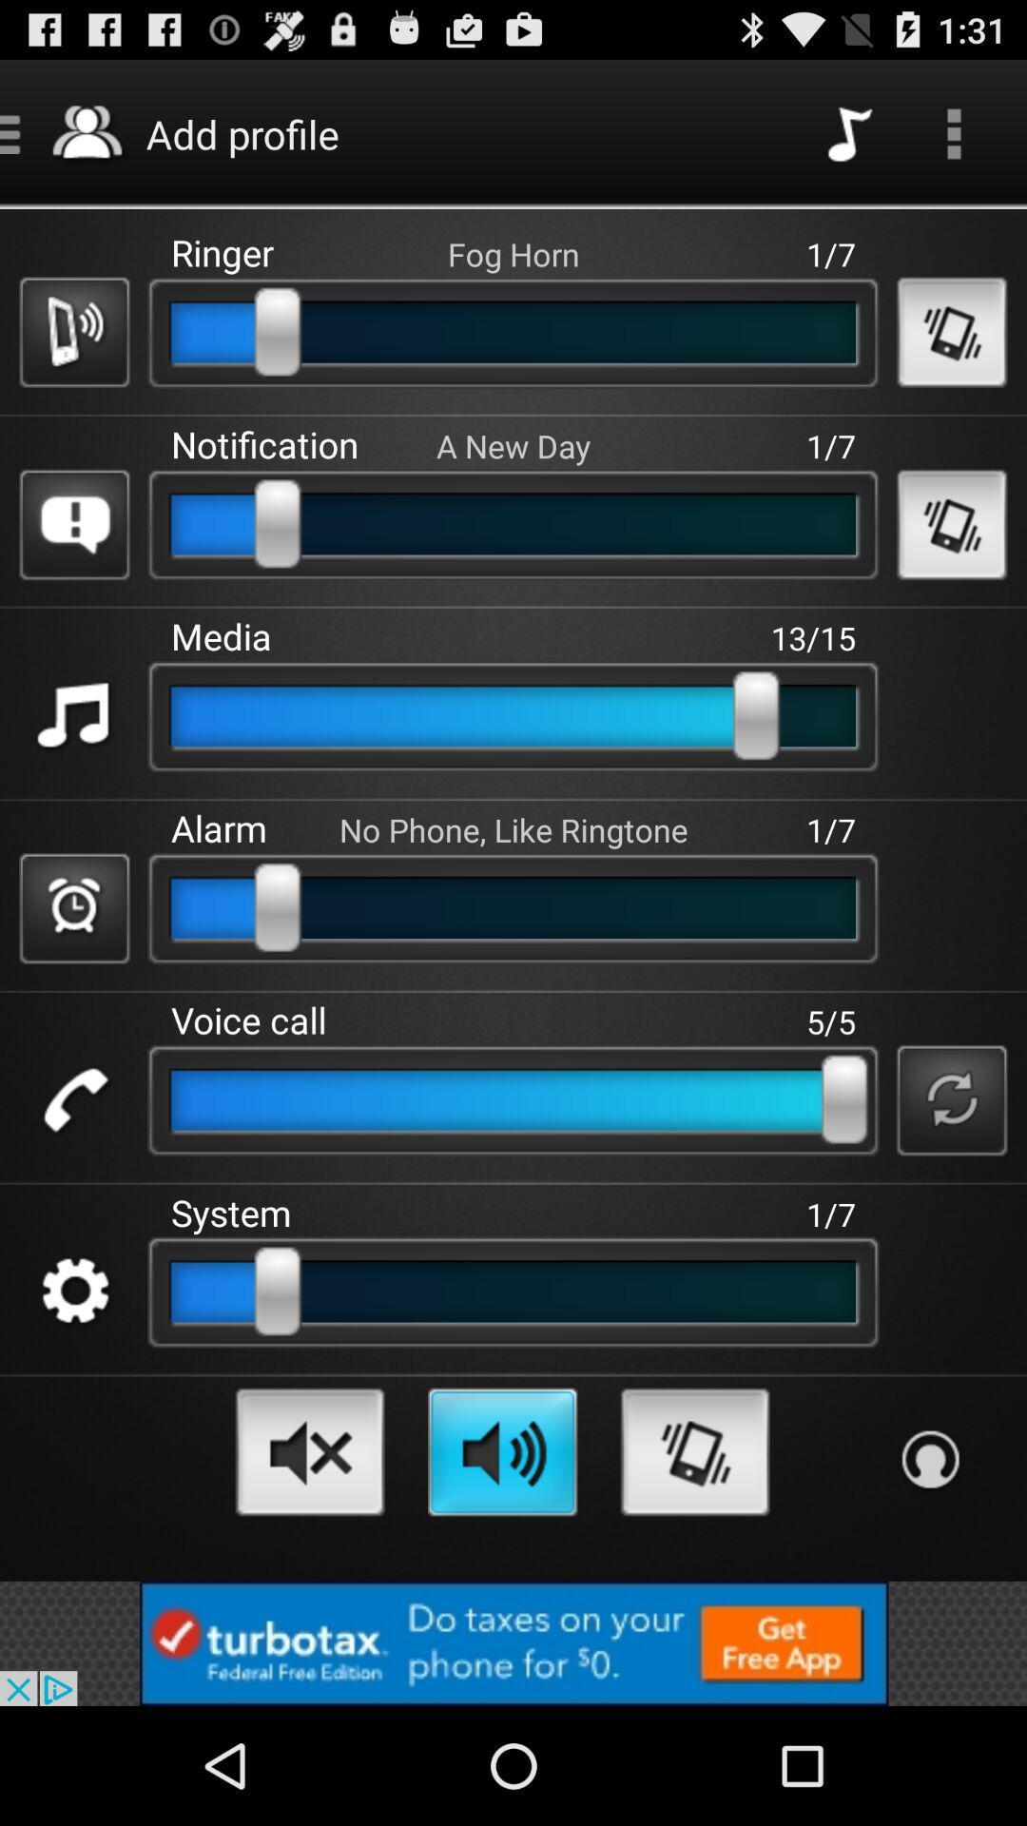  What do you see at coordinates (73, 907) in the screenshot?
I see `selecting alarm` at bounding box center [73, 907].